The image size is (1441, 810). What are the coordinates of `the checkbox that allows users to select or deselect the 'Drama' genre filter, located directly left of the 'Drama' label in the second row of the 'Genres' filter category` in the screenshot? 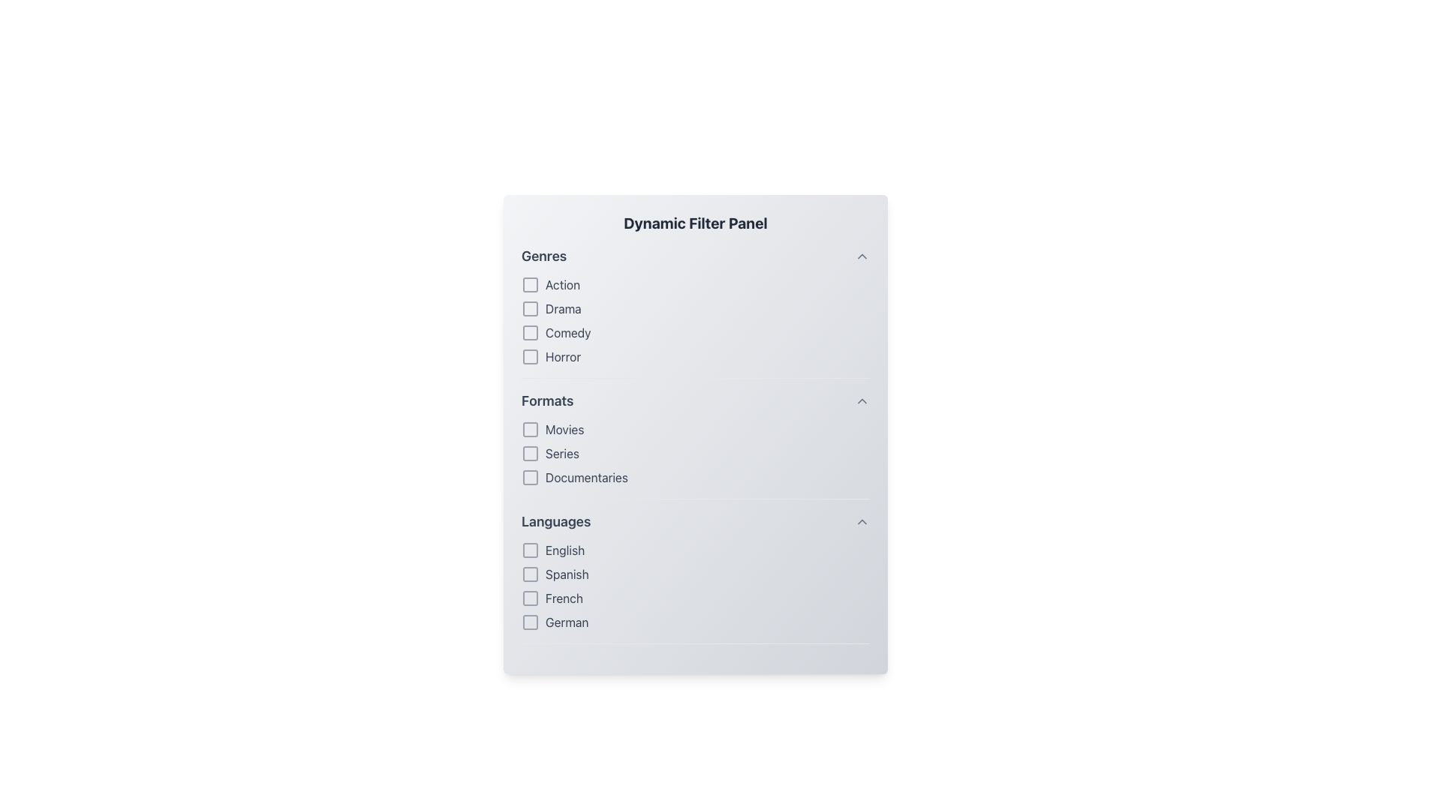 It's located at (530, 308).